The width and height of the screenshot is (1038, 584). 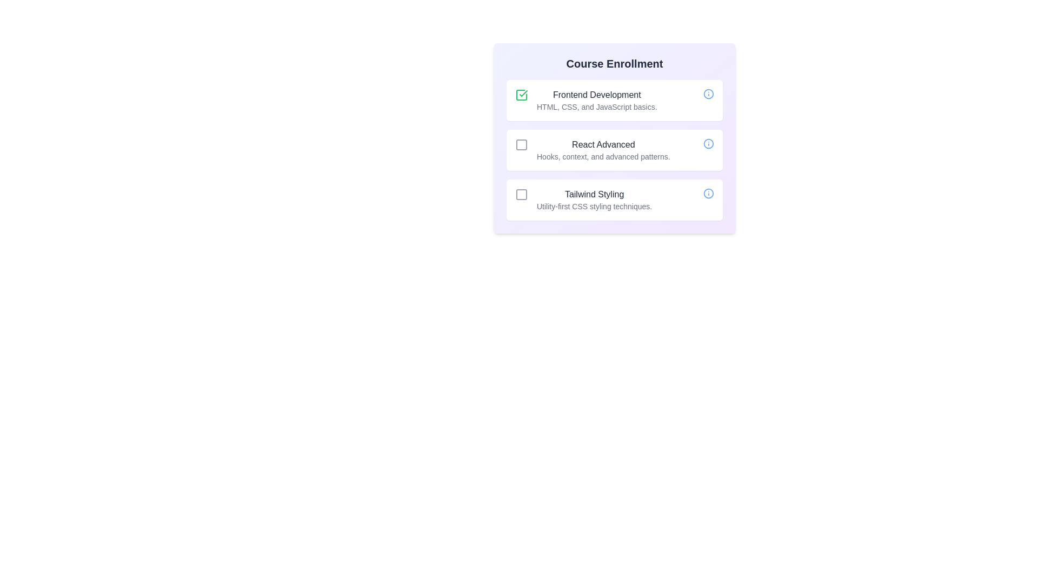 I want to click on the 'Tailwind Styling' checkbox indicator by, so click(x=521, y=194).